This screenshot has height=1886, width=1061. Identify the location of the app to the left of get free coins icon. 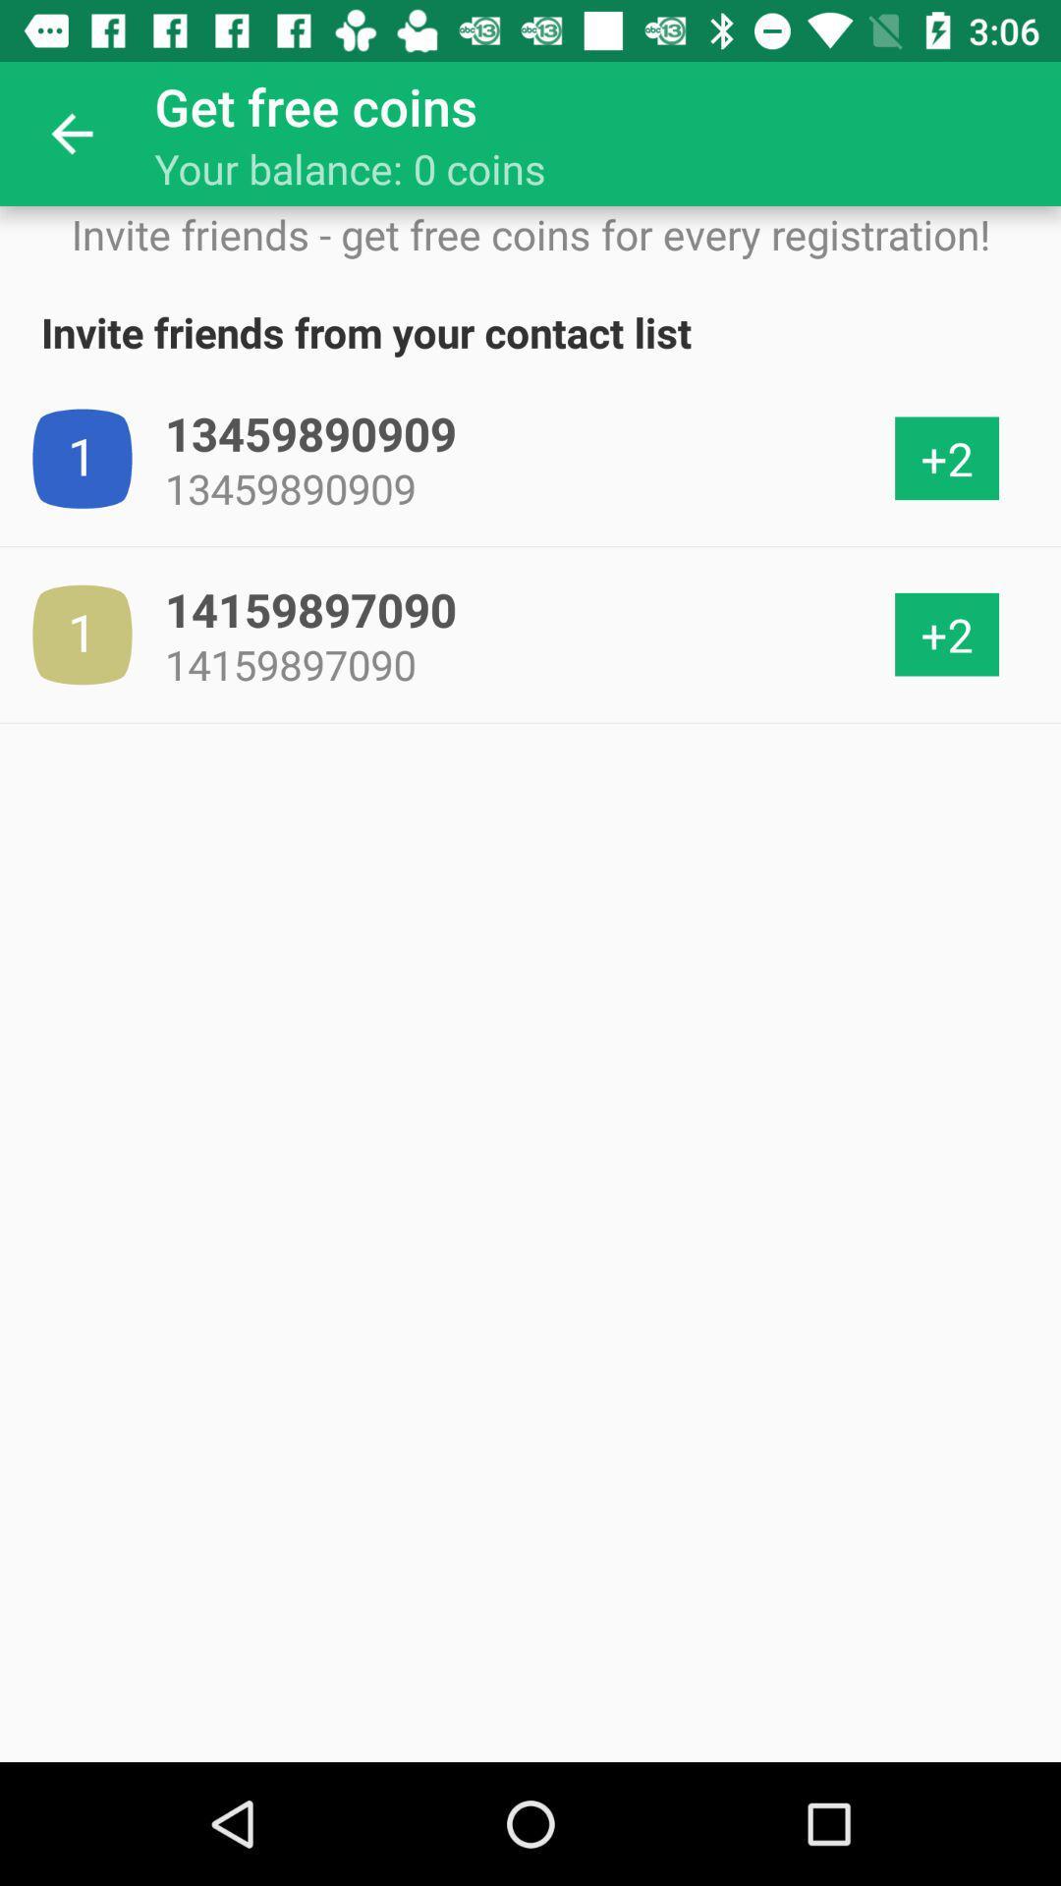
(71, 133).